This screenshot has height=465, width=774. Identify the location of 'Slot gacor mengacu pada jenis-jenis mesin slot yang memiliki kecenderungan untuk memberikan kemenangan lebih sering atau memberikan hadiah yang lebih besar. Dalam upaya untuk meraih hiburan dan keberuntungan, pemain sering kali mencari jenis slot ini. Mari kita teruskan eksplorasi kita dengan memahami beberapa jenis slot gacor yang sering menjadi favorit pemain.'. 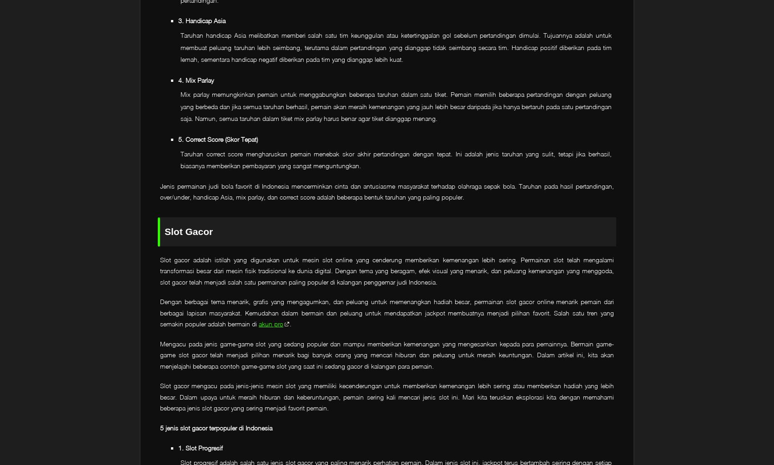
(387, 397).